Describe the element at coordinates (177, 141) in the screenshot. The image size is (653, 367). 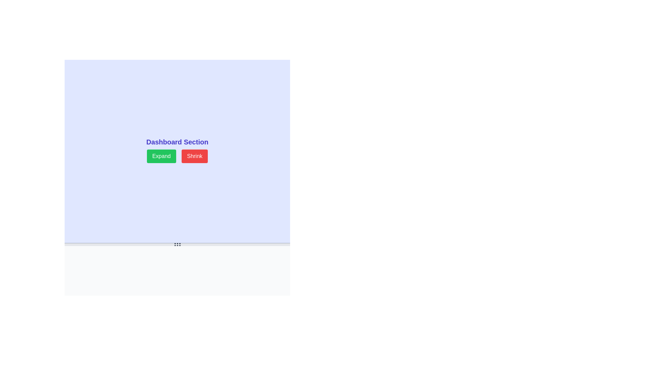
I see `the descriptive header text label, which is centrally positioned above the 'Expand' and 'Shrink' buttons` at that location.